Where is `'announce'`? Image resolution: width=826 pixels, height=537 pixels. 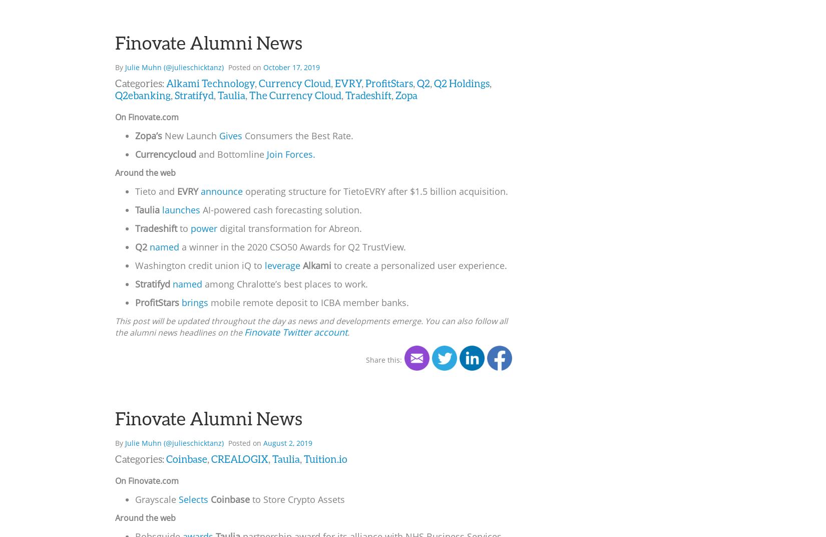
'announce' is located at coordinates (221, 190).